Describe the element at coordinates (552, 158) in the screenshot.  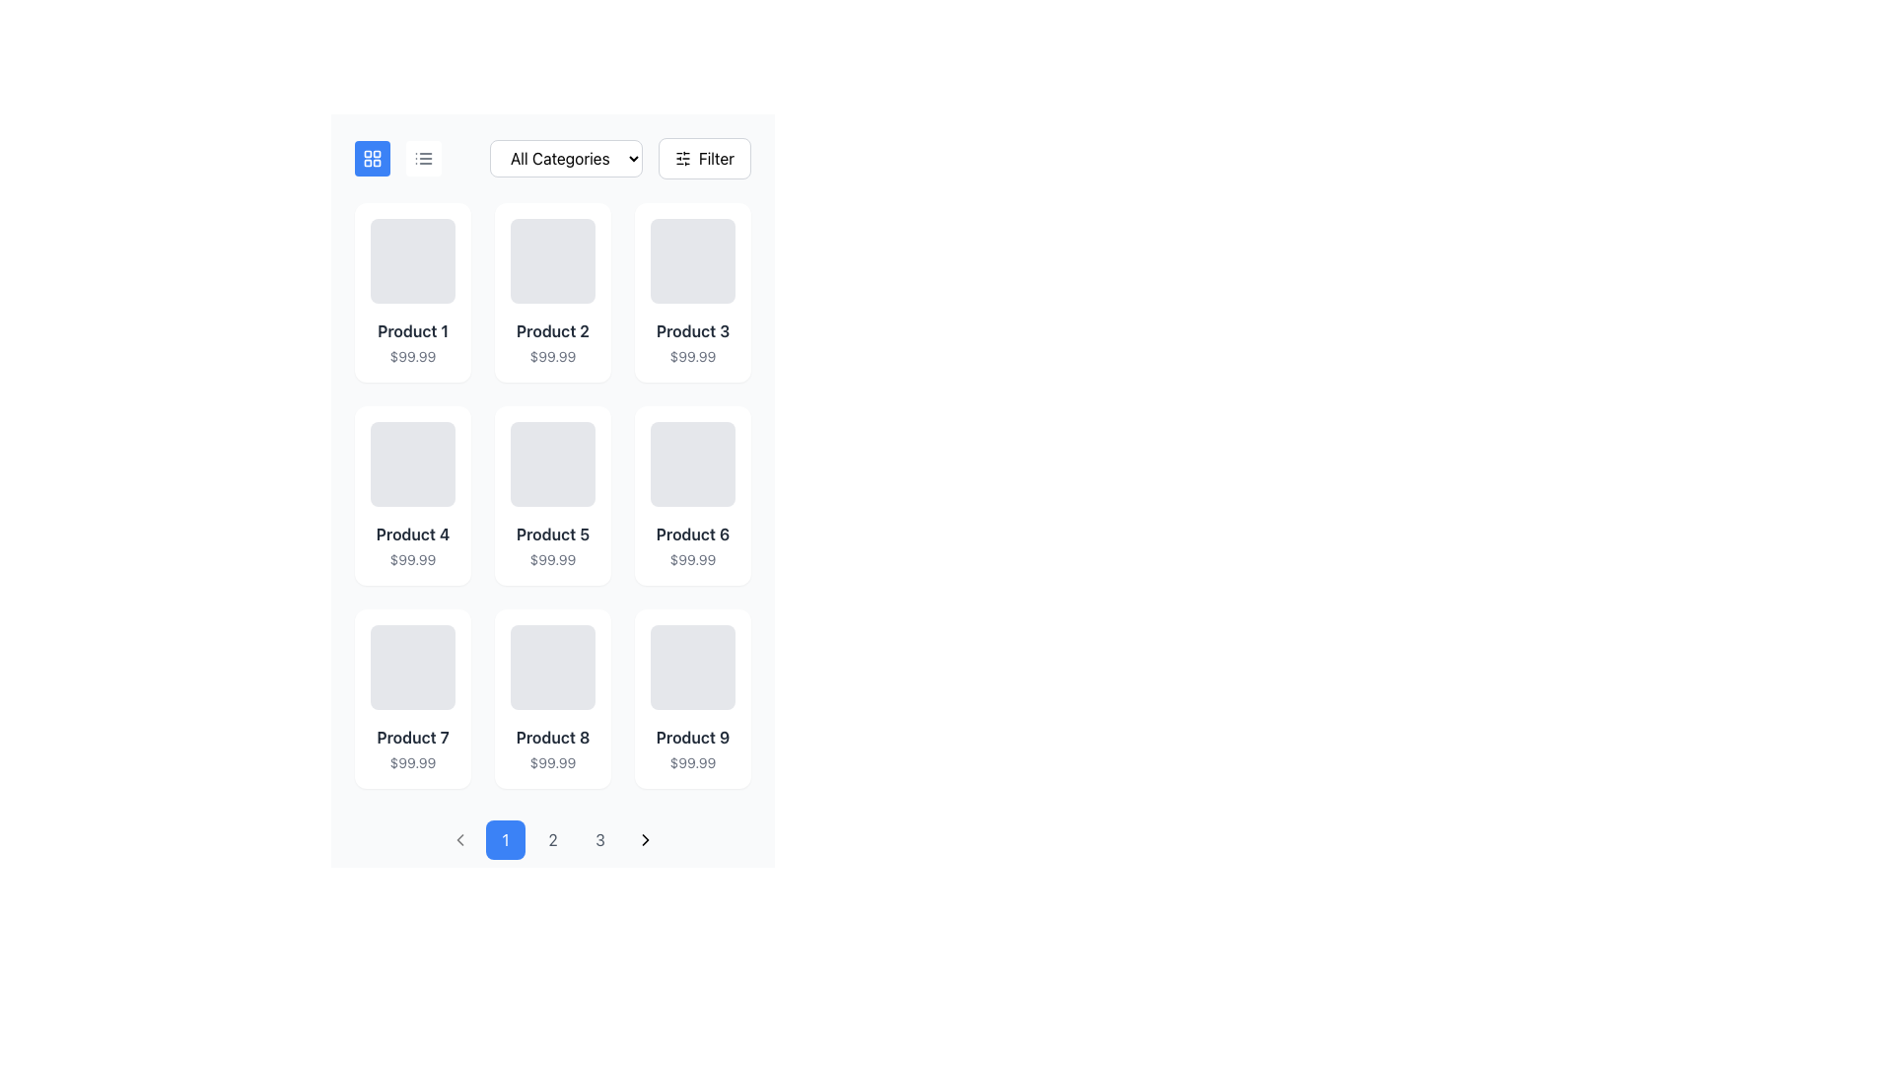
I see `the horizontal toolbar located at the top of the interface, which contains options like 'All Categories' and 'Filter'` at that location.